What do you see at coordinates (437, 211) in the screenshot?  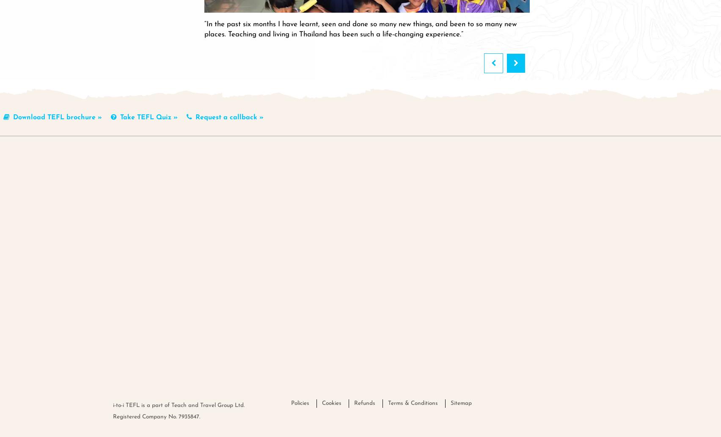 I see `'i-to-i Careers'` at bounding box center [437, 211].